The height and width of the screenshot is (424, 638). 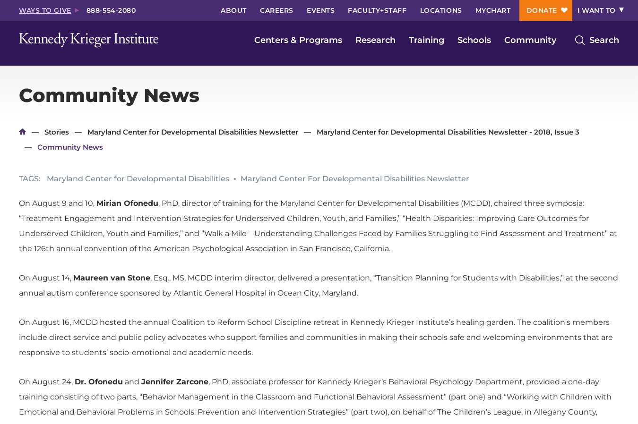 I want to click on 'Stories', so click(x=43, y=132).